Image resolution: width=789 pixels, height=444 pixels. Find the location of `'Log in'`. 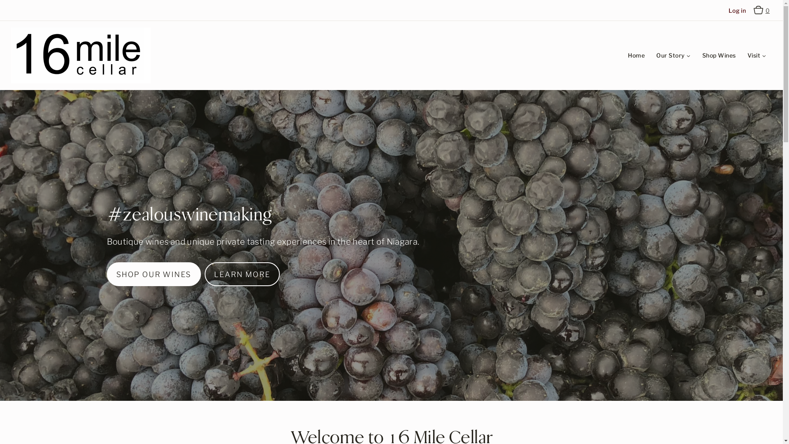

'Log in' is located at coordinates (728, 10).